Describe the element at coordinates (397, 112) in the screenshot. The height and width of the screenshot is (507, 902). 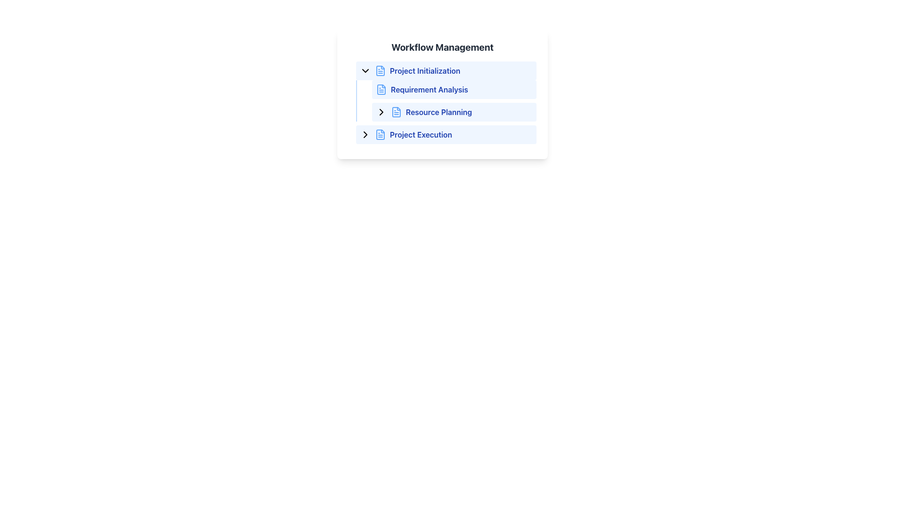
I see `the 'Resource Planning' icon in the middle section of the 'Workflow Management' hierarchy interface` at that location.